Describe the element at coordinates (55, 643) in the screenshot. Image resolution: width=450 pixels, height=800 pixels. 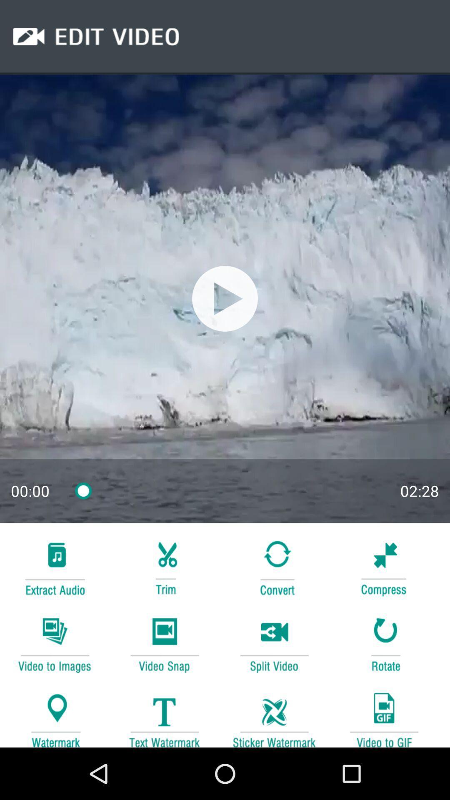
I see `transform video into images` at that location.